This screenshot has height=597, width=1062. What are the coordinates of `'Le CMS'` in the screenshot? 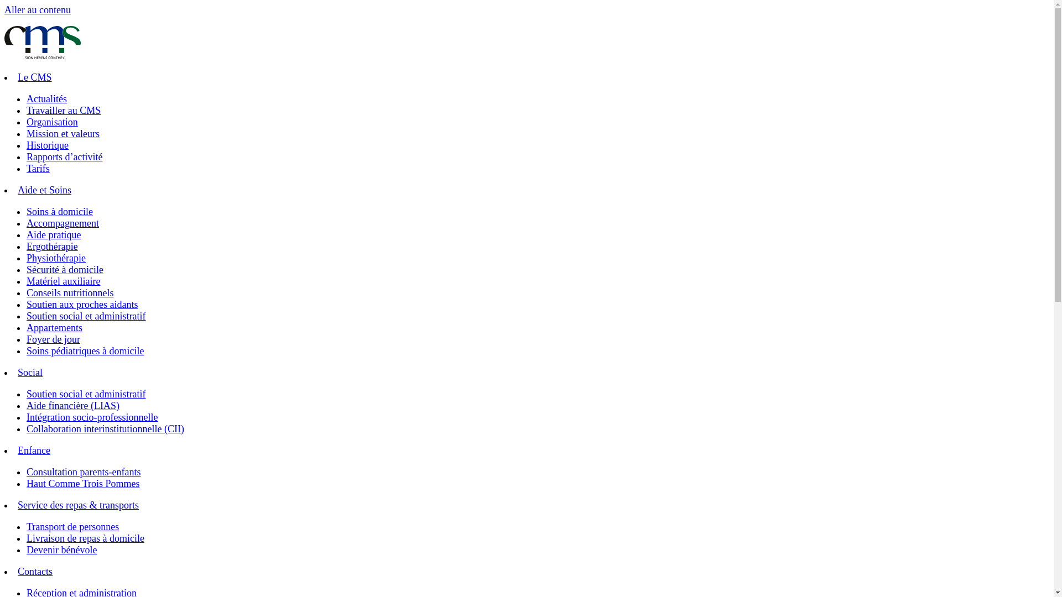 It's located at (34, 76).